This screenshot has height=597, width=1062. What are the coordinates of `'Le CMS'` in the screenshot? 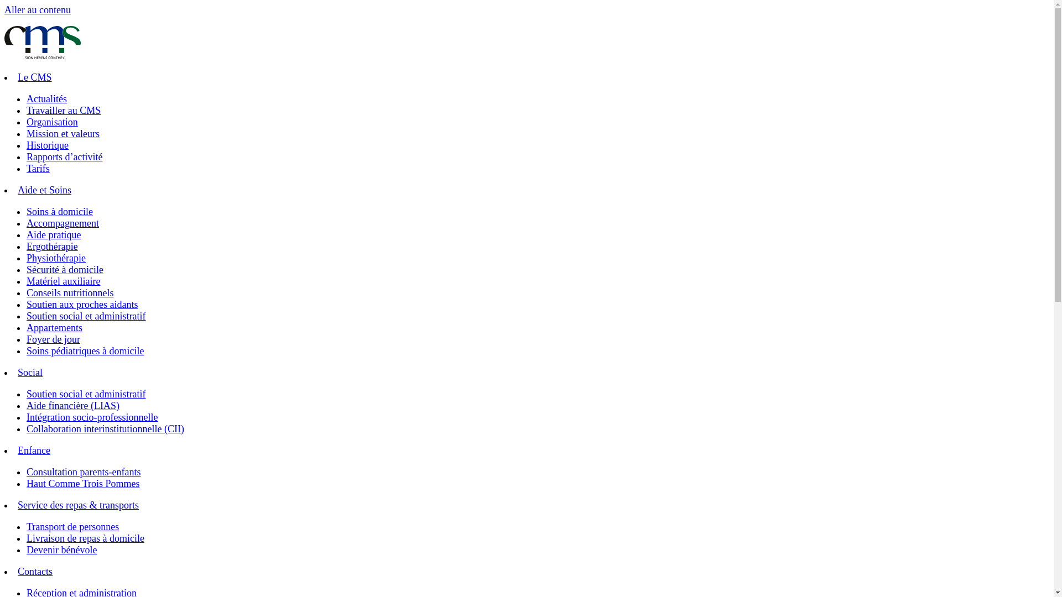 It's located at (34, 76).